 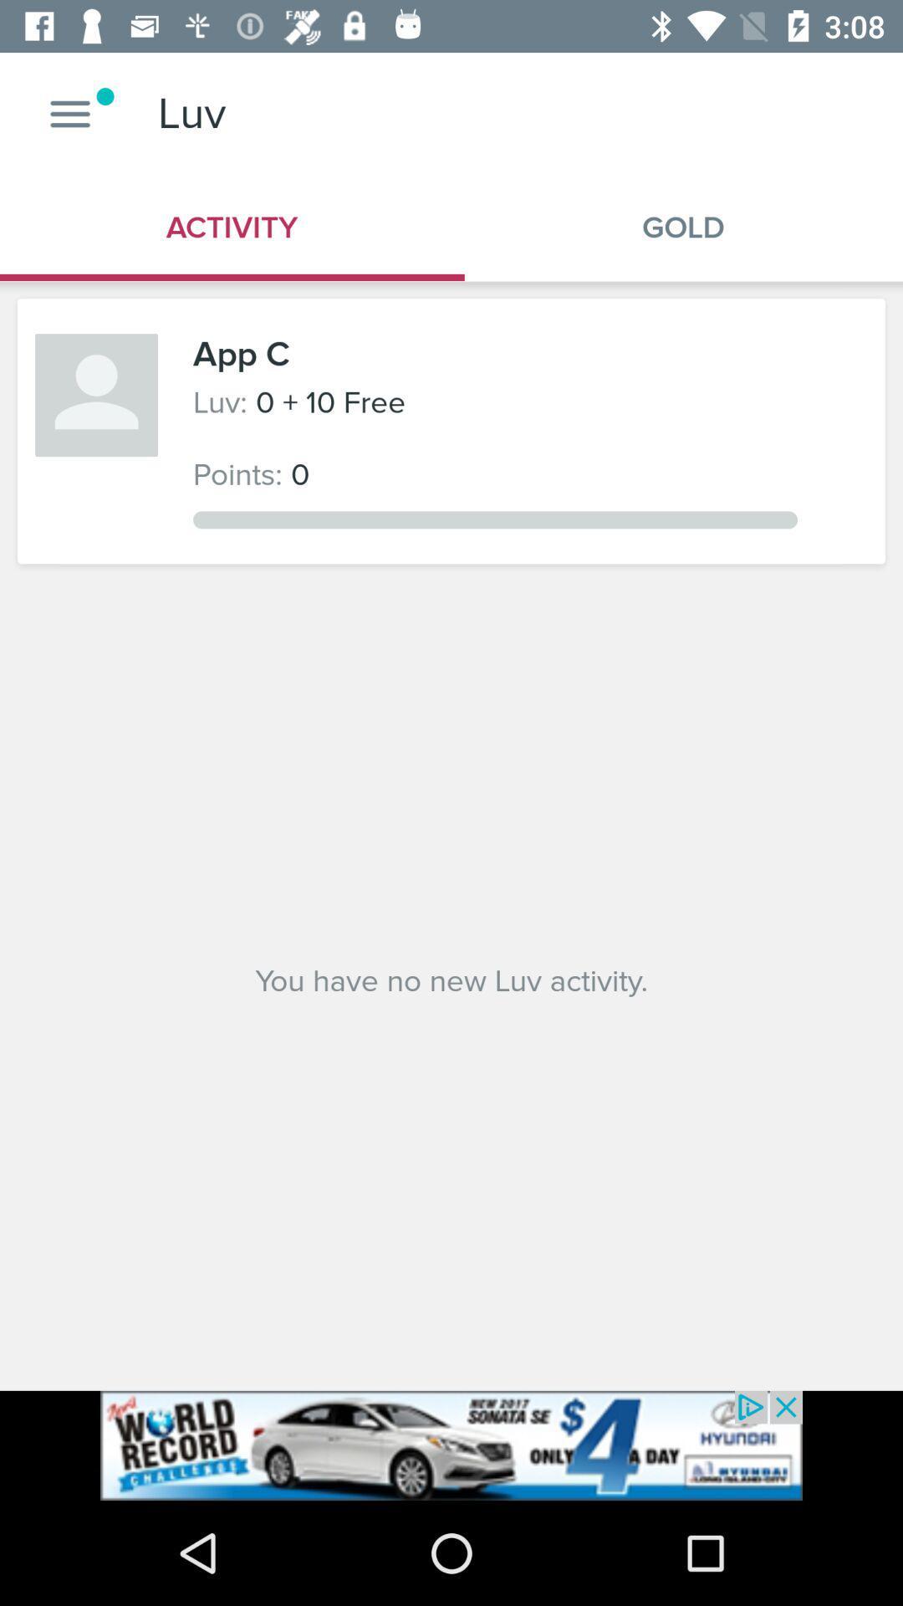 What do you see at coordinates (451, 1445) in the screenshot?
I see `blink advertisement` at bounding box center [451, 1445].